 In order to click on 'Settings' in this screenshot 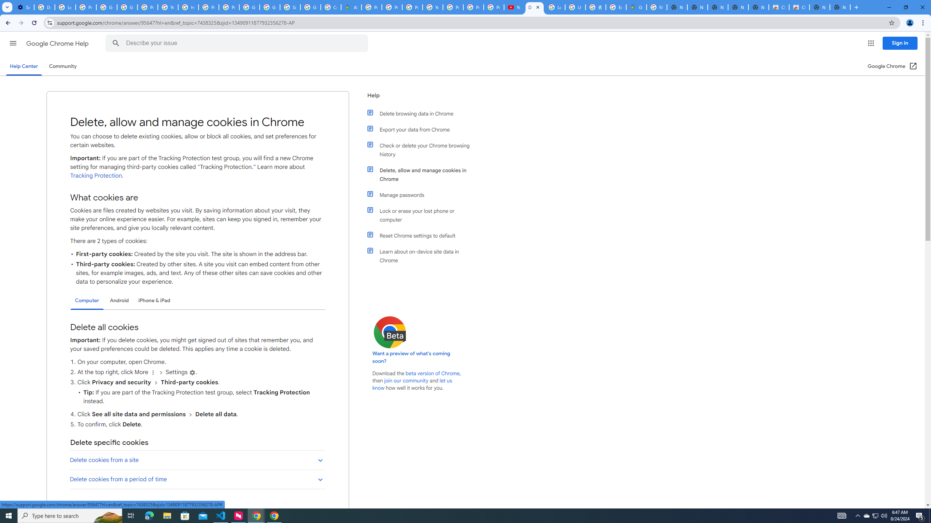, I will do `click(192, 373)`.